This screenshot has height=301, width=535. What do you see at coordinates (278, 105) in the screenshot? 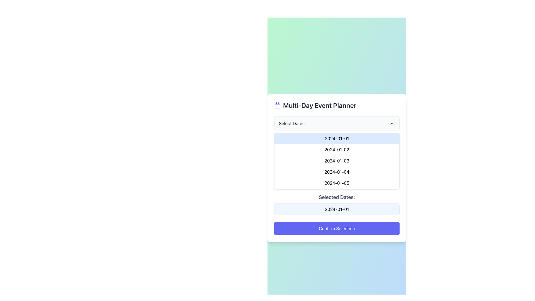
I see `the calendar icon, which is a purple square with rounded corners, located at the start of the 'Multi-Day Event Planner' title bar` at bounding box center [278, 105].